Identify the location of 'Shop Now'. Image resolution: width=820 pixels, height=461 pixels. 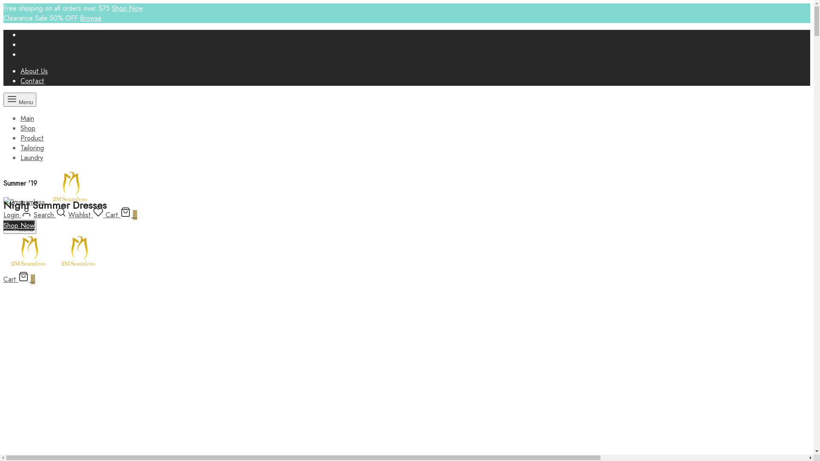
(127, 8).